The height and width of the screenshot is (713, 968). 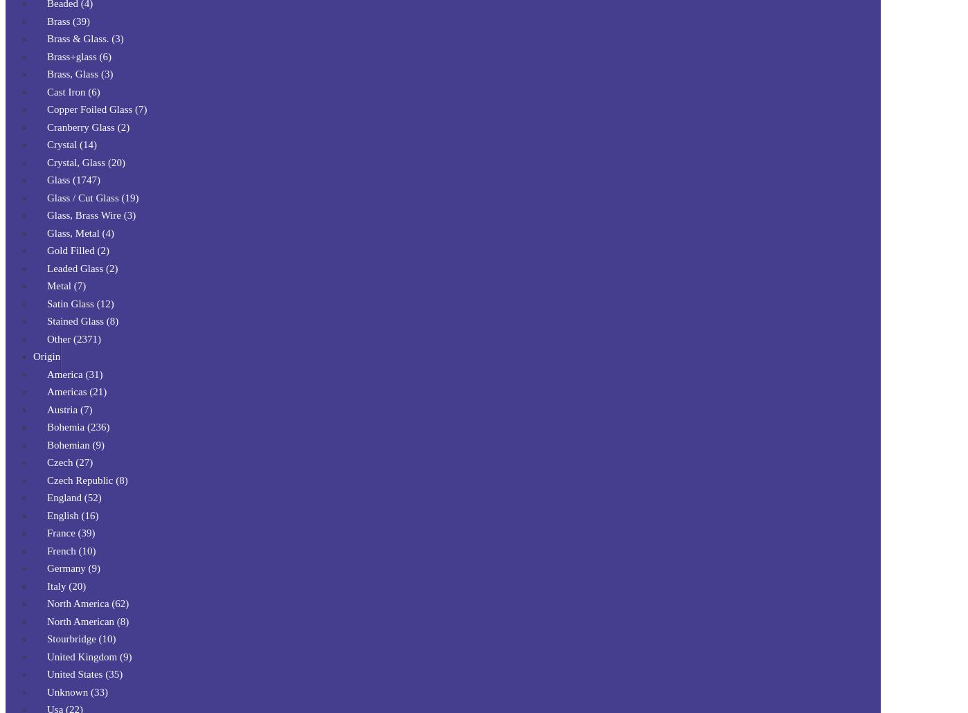 What do you see at coordinates (89, 656) in the screenshot?
I see `'United Kingdom (9)'` at bounding box center [89, 656].